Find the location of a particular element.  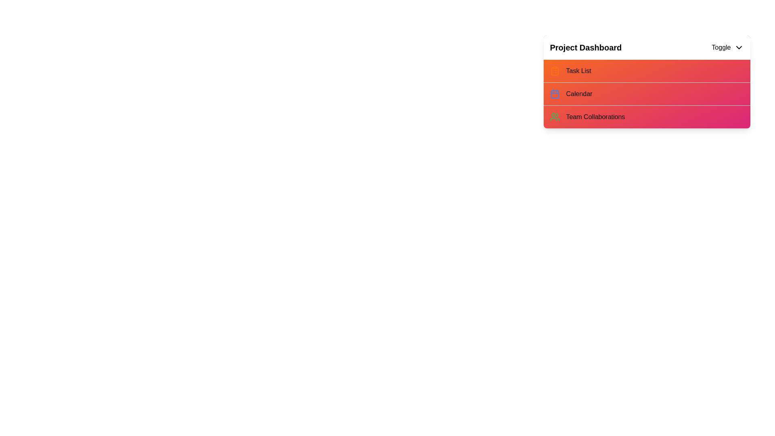

the icon corresponding to Team Collaborations is located at coordinates (554, 117).